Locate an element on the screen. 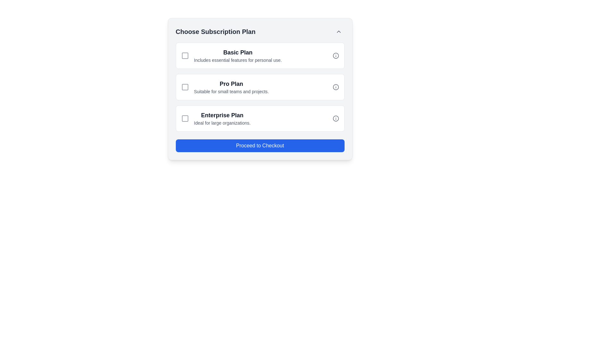 This screenshot has height=346, width=616. the text label that provides additional information about the 'Enterprise Plan', which is centrally located below the 'Enterprise Plan' header in the subscription option block is located at coordinates (222, 123).